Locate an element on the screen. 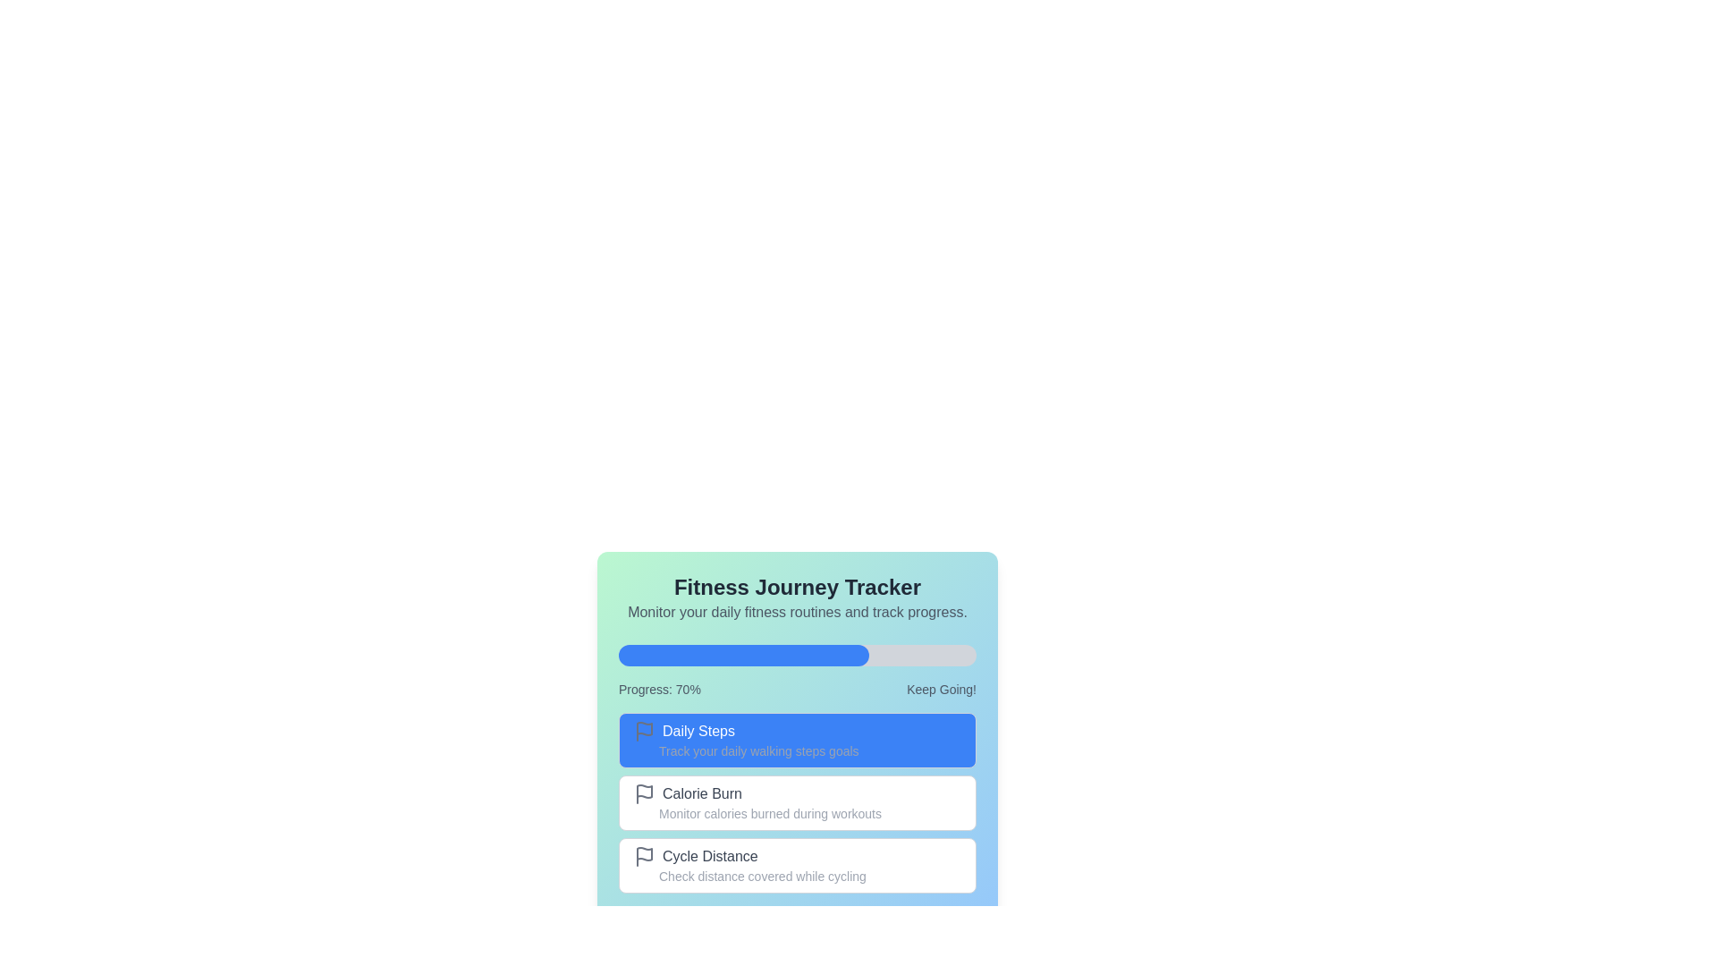 This screenshot has width=1717, height=966. the 'Fitness Journey Tracker' header text element is located at coordinates (797, 587).